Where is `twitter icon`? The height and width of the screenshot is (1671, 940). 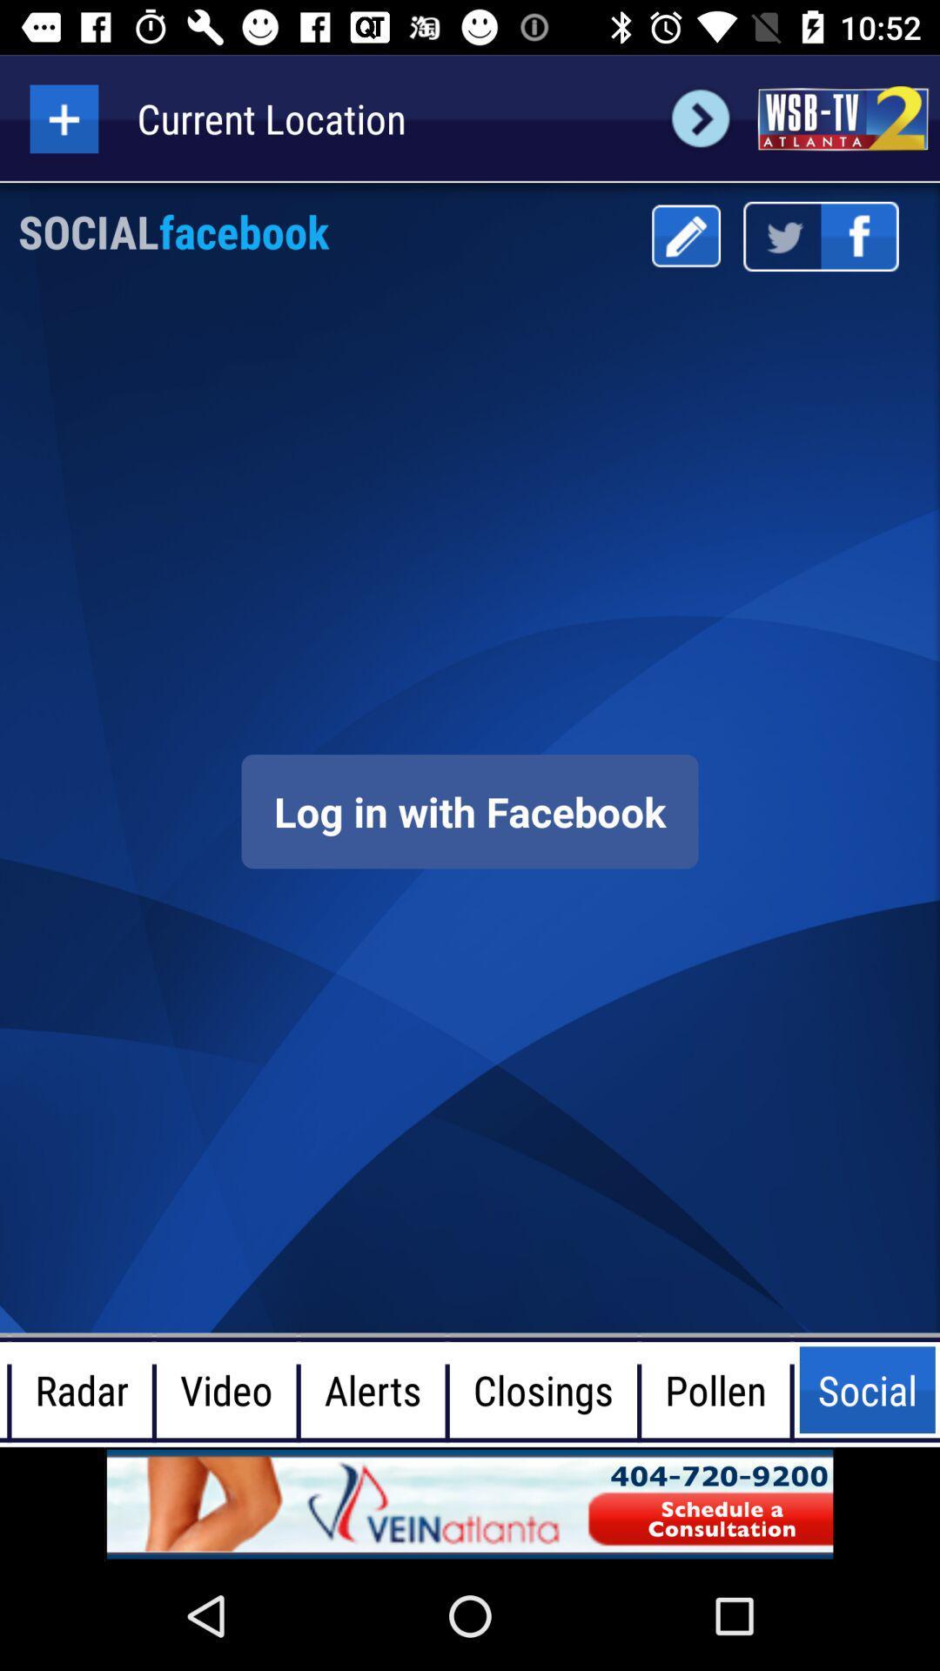
twitter icon is located at coordinates (781, 236).